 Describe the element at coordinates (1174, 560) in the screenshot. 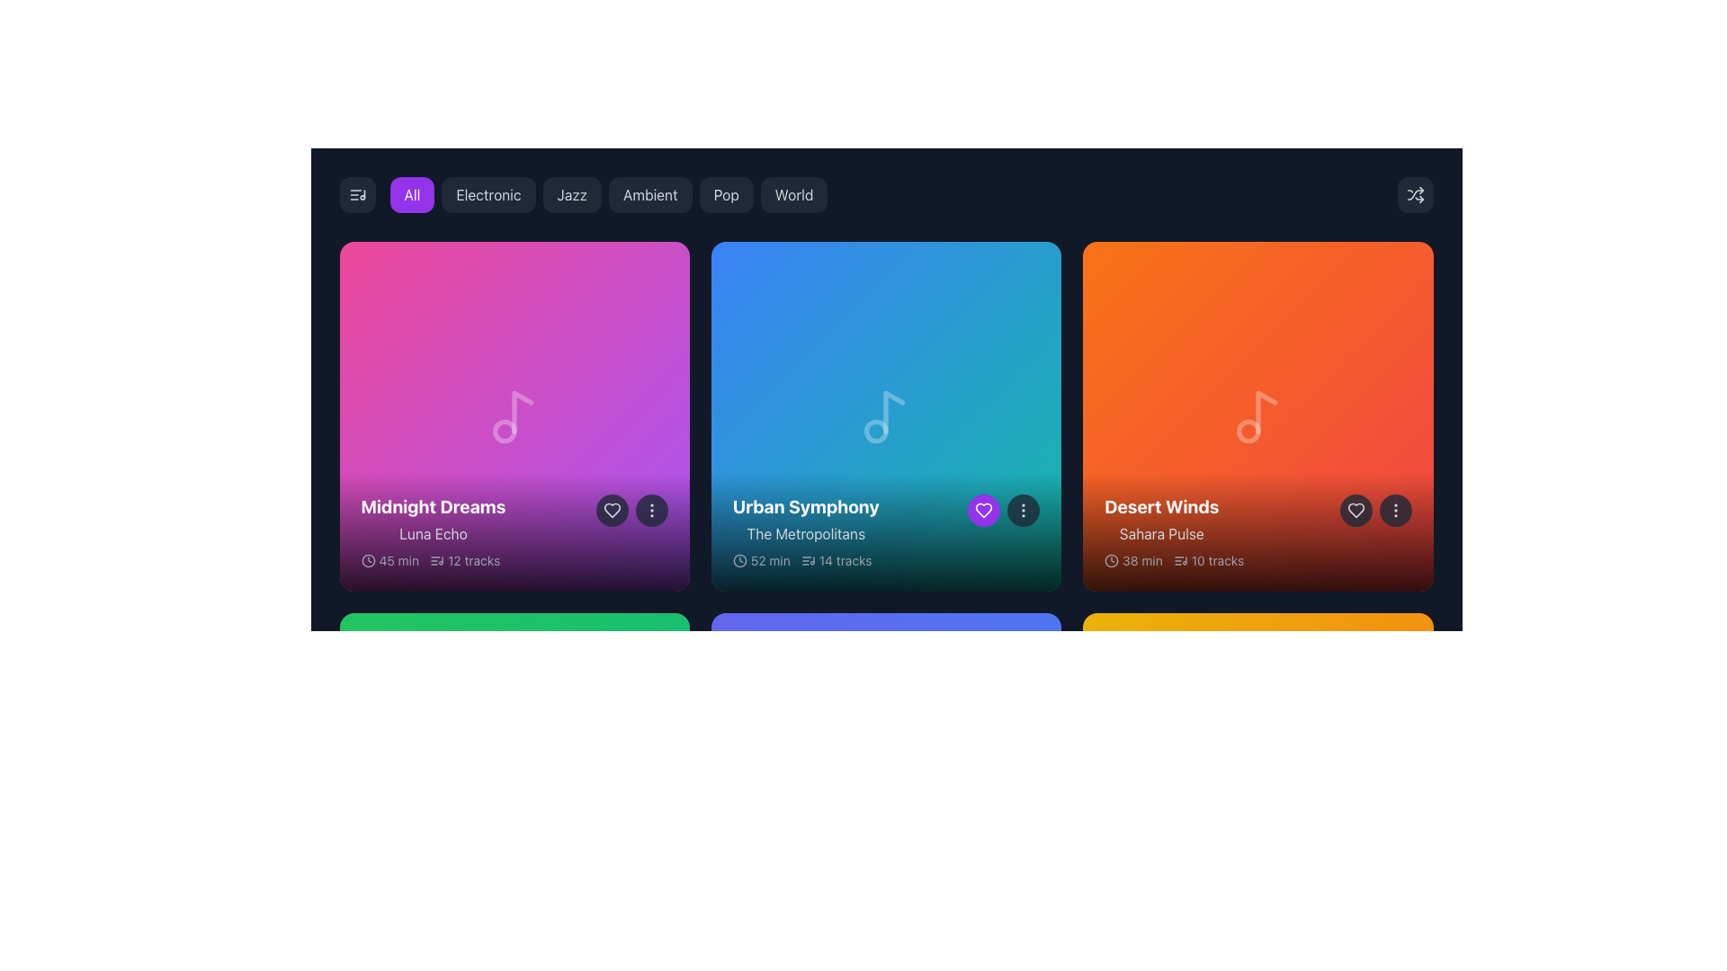

I see `metadata information of the 'Desert Winds' music card, which includes the duration ('38 min') and the number of tracks ('10 tracks') located in the bottom section of the card` at that location.